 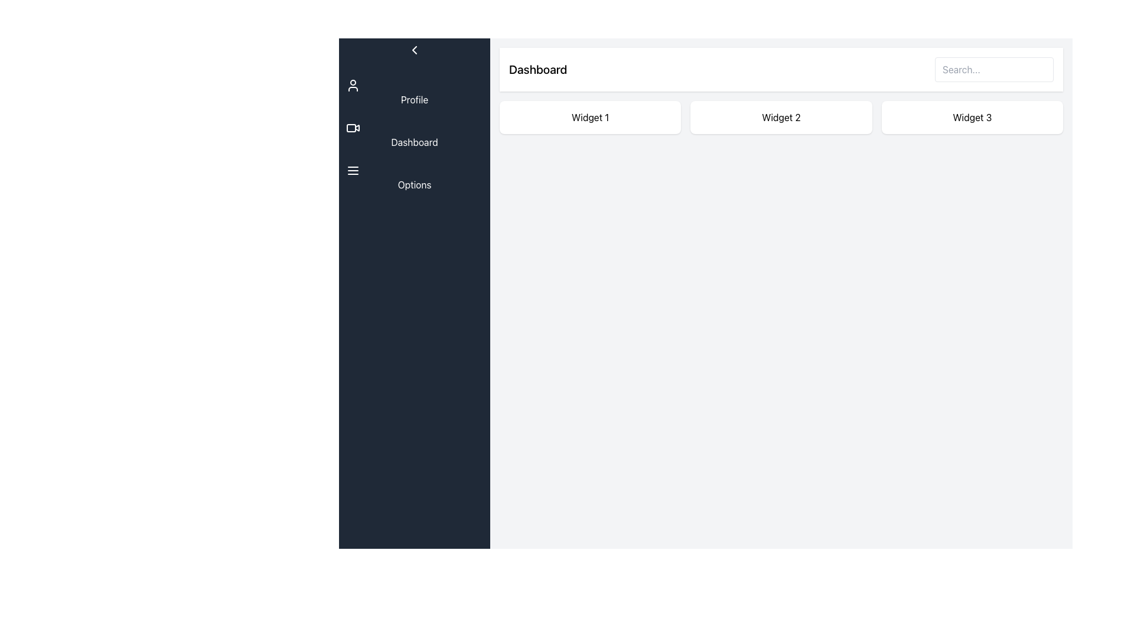 What do you see at coordinates (414, 49) in the screenshot?
I see `the navigational back button located at the top of the dark-colored navigation sidebar` at bounding box center [414, 49].